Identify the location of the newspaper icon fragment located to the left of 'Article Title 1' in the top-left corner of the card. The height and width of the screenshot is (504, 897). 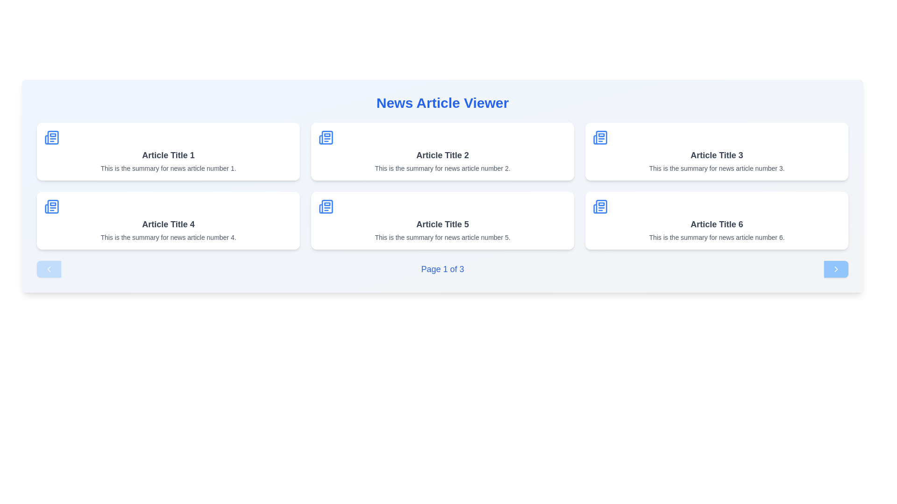
(51, 137).